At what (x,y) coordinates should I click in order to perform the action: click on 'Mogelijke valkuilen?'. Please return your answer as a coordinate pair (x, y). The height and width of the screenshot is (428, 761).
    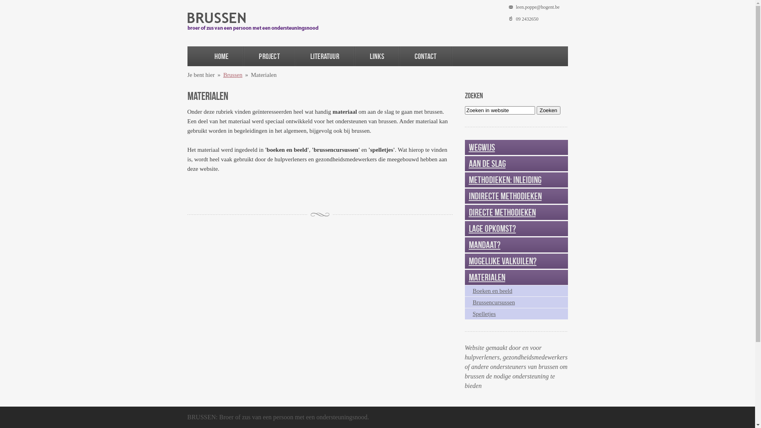
    Looking at the image, I should click on (502, 261).